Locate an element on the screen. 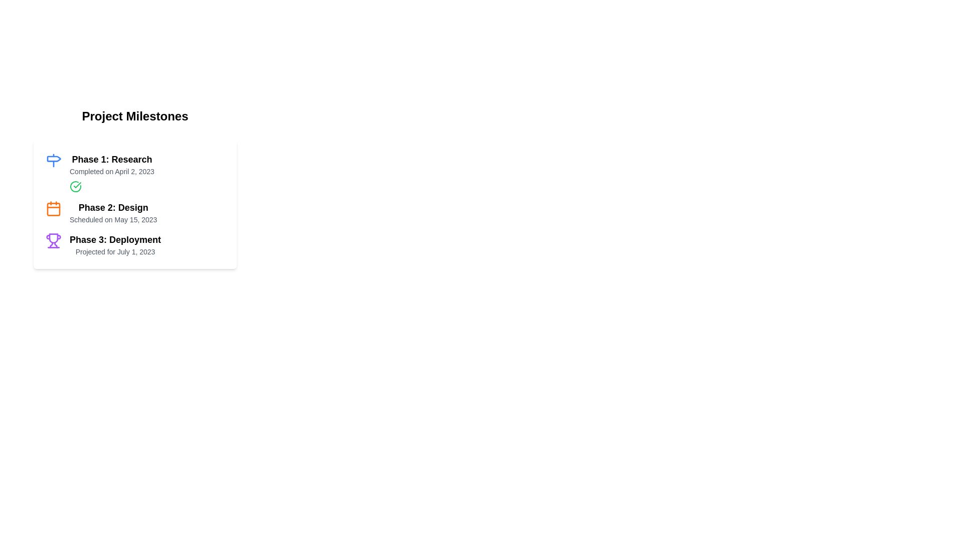  the milestone completion status icon next to 'Phase 1: Research', which indicates that the milestone is completed and displays 'Completed on April 2, 2023.' is located at coordinates (75, 186).